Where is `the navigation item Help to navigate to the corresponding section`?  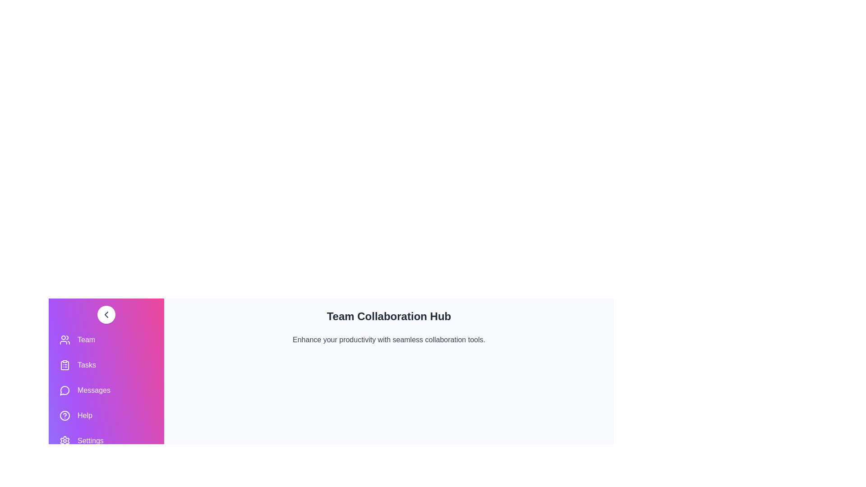
the navigation item Help to navigate to the corresponding section is located at coordinates (106, 415).